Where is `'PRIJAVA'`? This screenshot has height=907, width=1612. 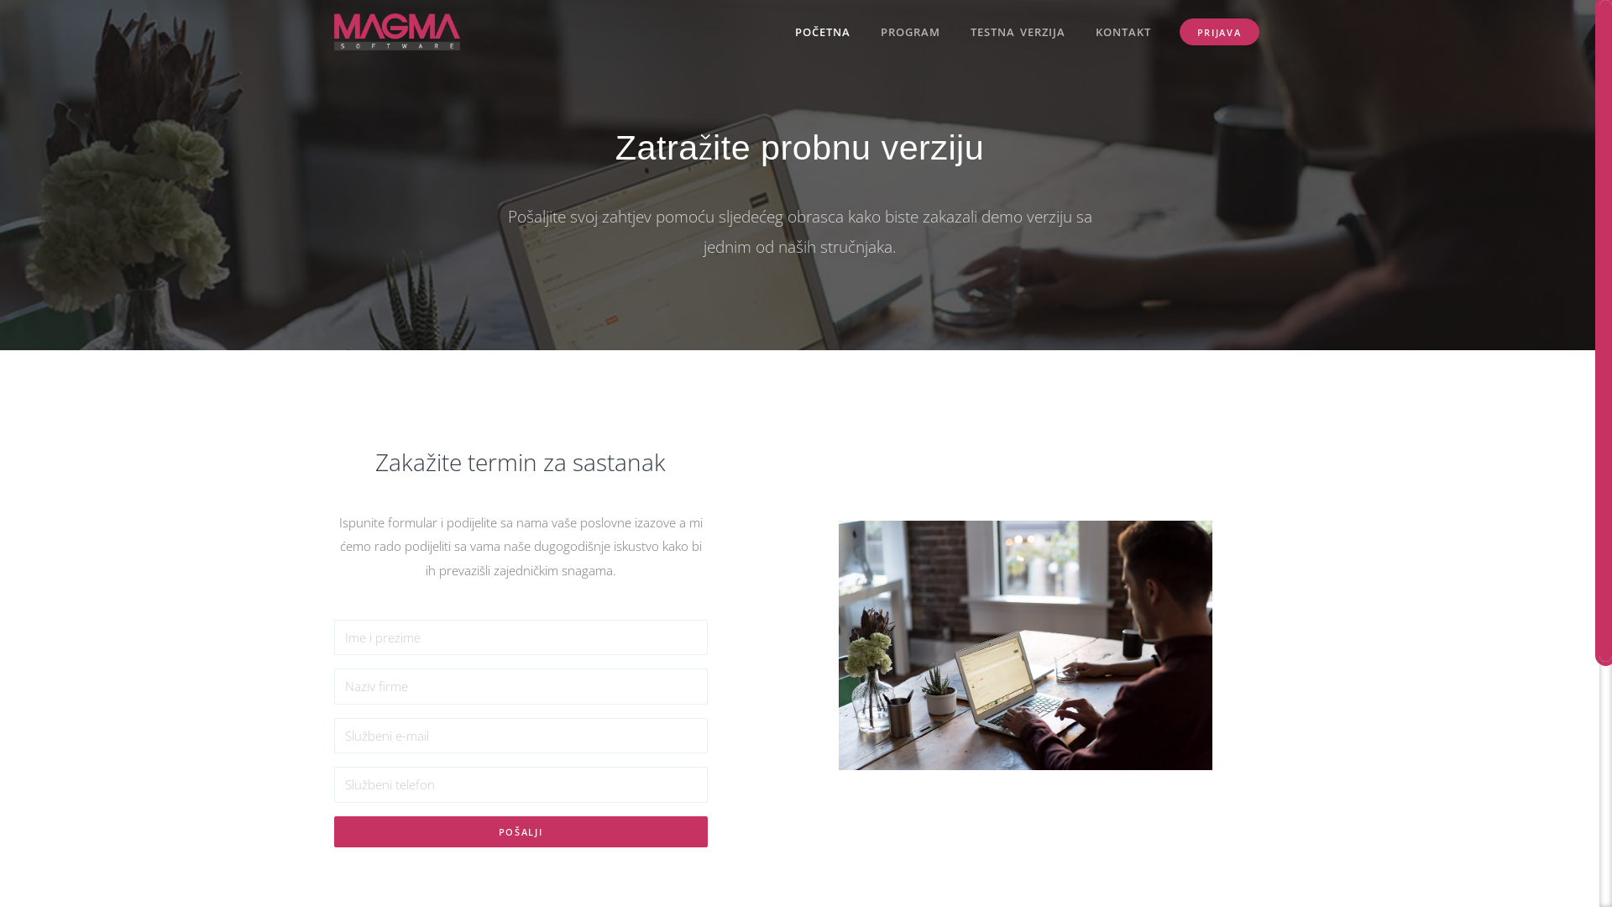
'PRIJAVA' is located at coordinates (1179, 32).